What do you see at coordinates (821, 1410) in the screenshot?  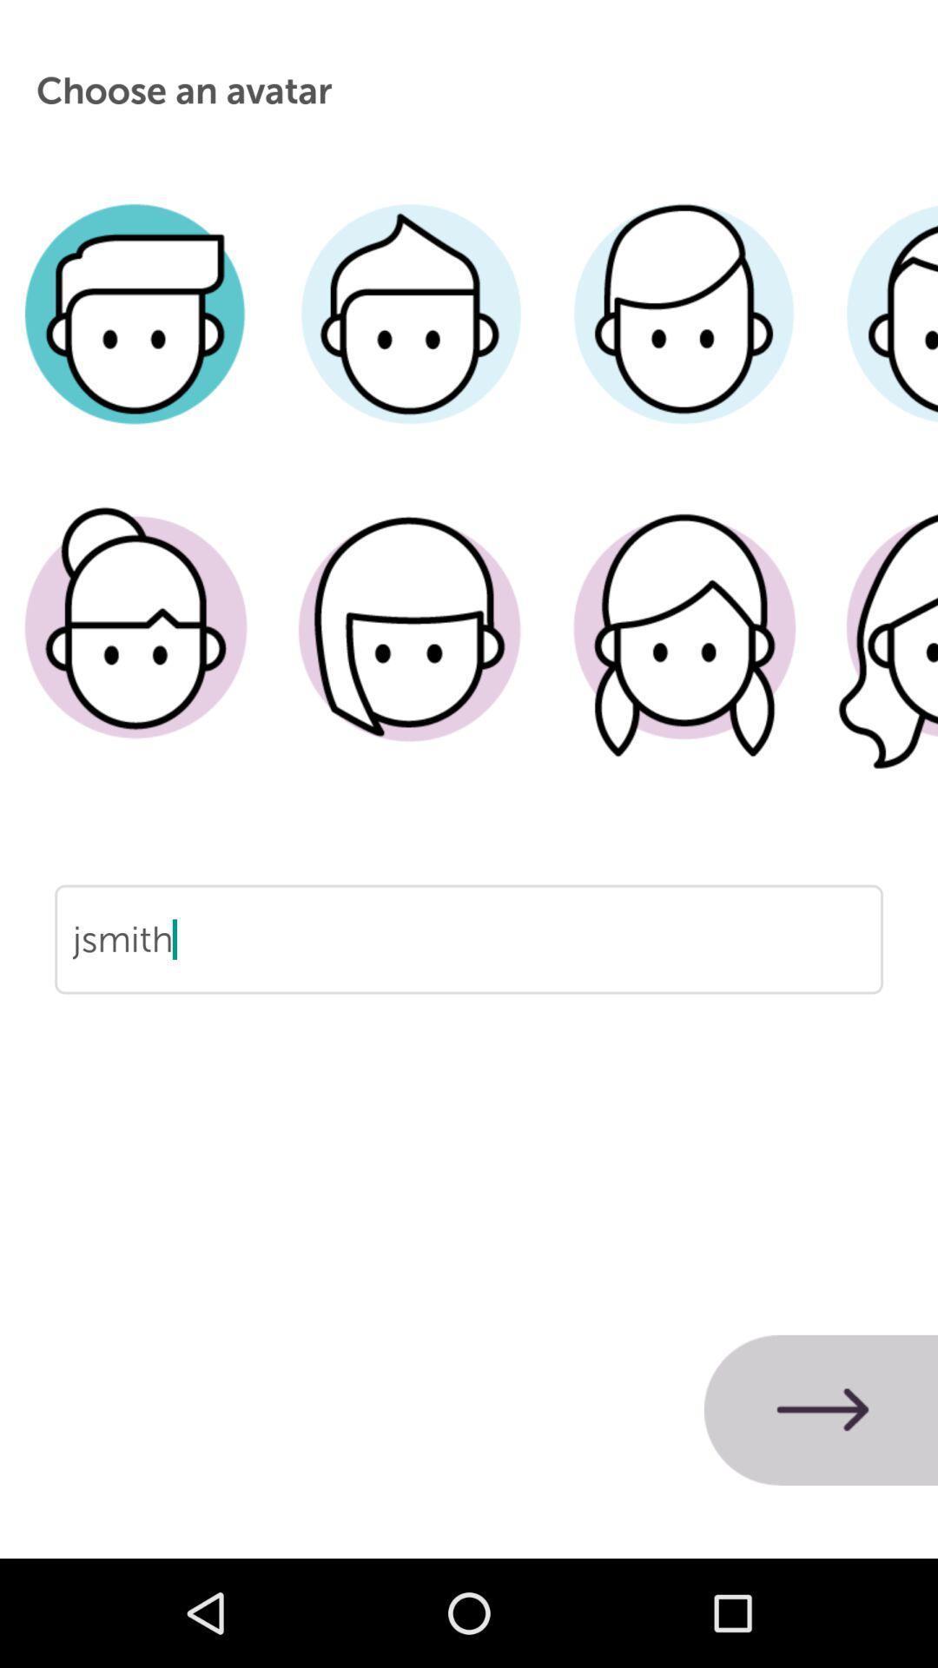 I see `next` at bounding box center [821, 1410].